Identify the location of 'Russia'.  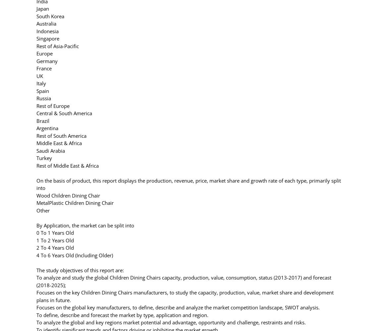
(36, 98).